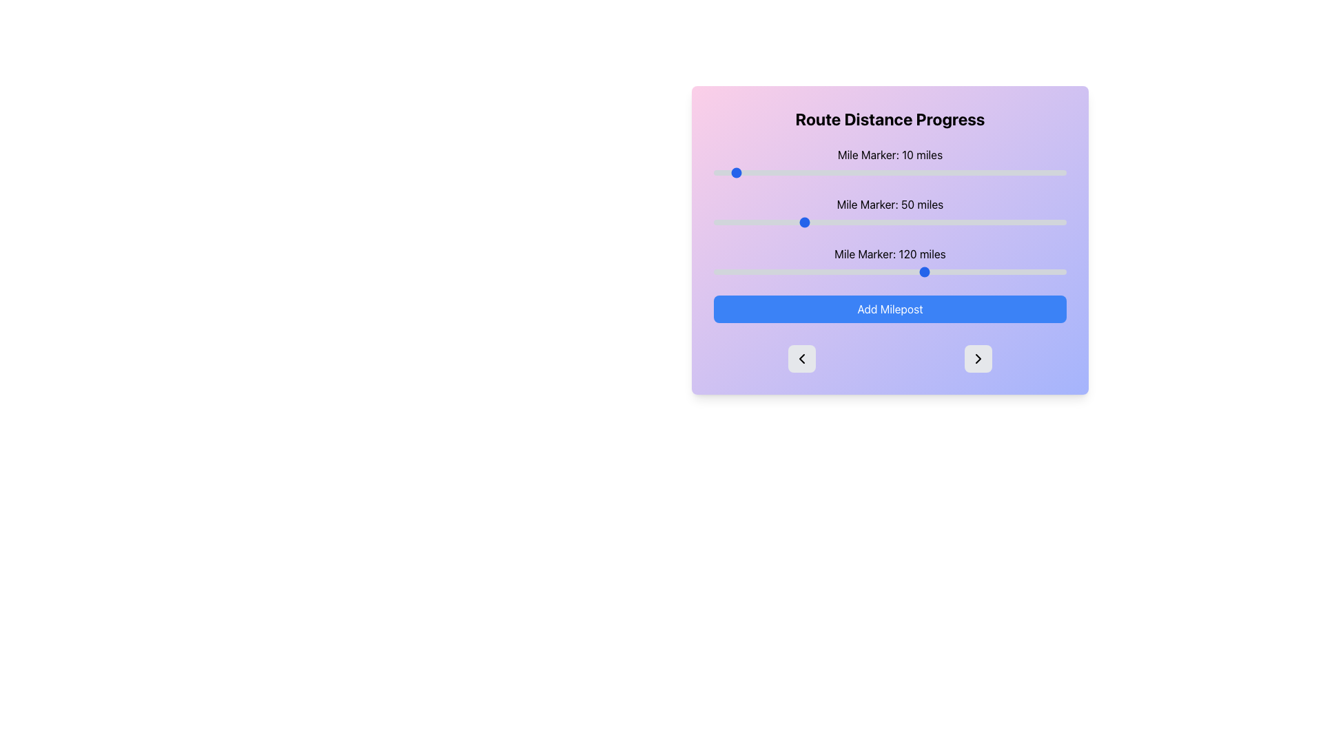 This screenshot has width=1323, height=744. Describe the element at coordinates (801, 358) in the screenshot. I see `the left-facing arrow icon inside the circular button located at the bottom-left of the interface card` at that location.